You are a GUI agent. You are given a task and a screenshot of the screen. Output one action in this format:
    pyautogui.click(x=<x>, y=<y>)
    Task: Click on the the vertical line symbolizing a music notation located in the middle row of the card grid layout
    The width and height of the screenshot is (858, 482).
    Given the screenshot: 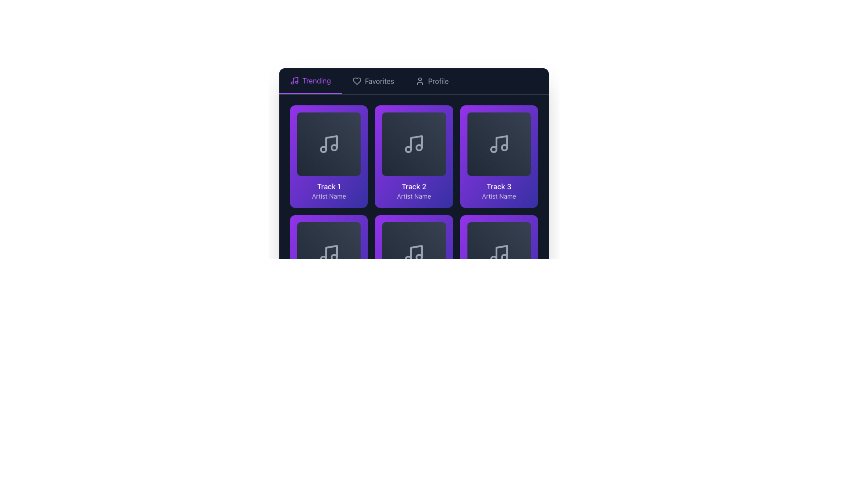 What is the action you would take?
    pyautogui.click(x=416, y=253)
    